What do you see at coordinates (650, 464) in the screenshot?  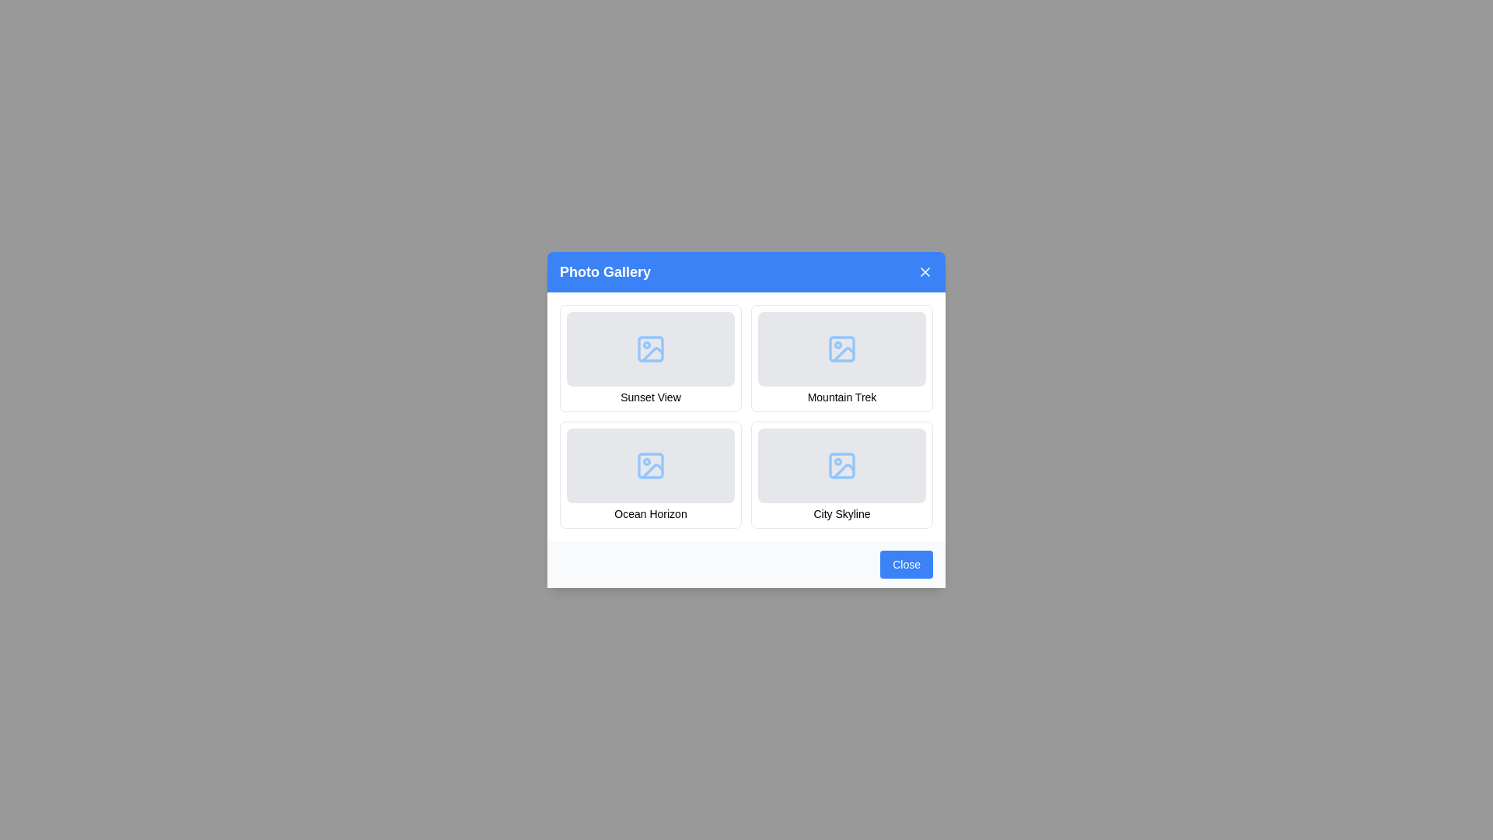 I see `the minimalistic image frame icon with a circular dot and mountain-like contour located in the 'Ocean Horizon' card within the 'Photo Gallery' modal` at bounding box center [650, 464].